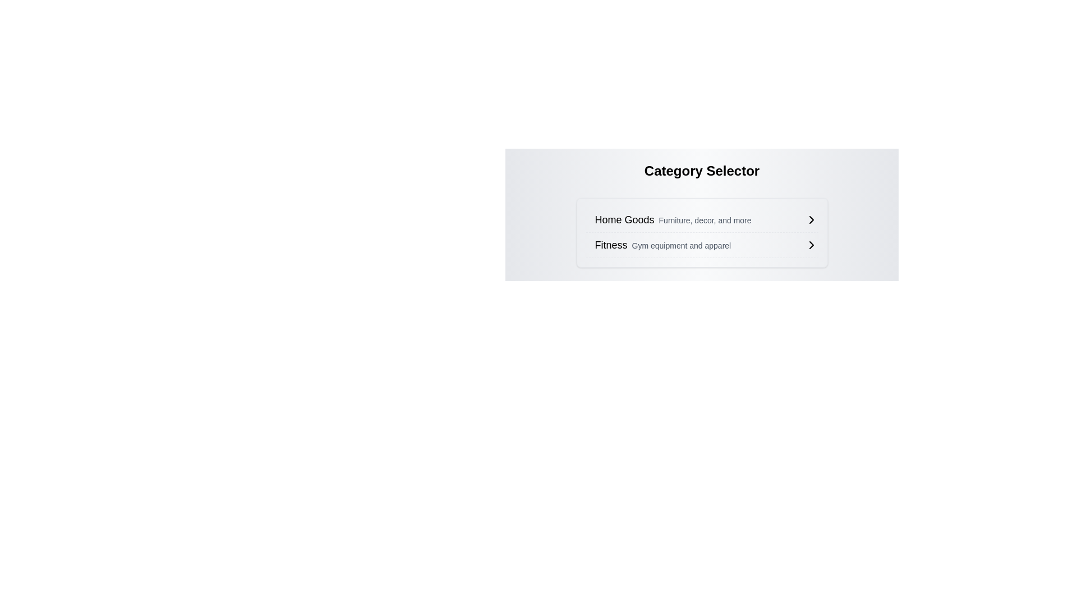  What do you see at coordinates (705, 221) in the screenshot?
I see `the Text Label element displaying 'Furniture, decor, and more', which is positioned to the right of the bold 'Home Goods' text` at bounding box center [705, 221].